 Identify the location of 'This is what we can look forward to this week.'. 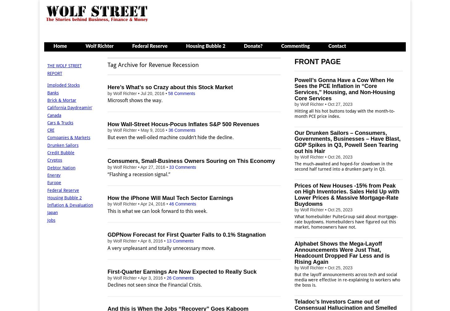
(157, 211).